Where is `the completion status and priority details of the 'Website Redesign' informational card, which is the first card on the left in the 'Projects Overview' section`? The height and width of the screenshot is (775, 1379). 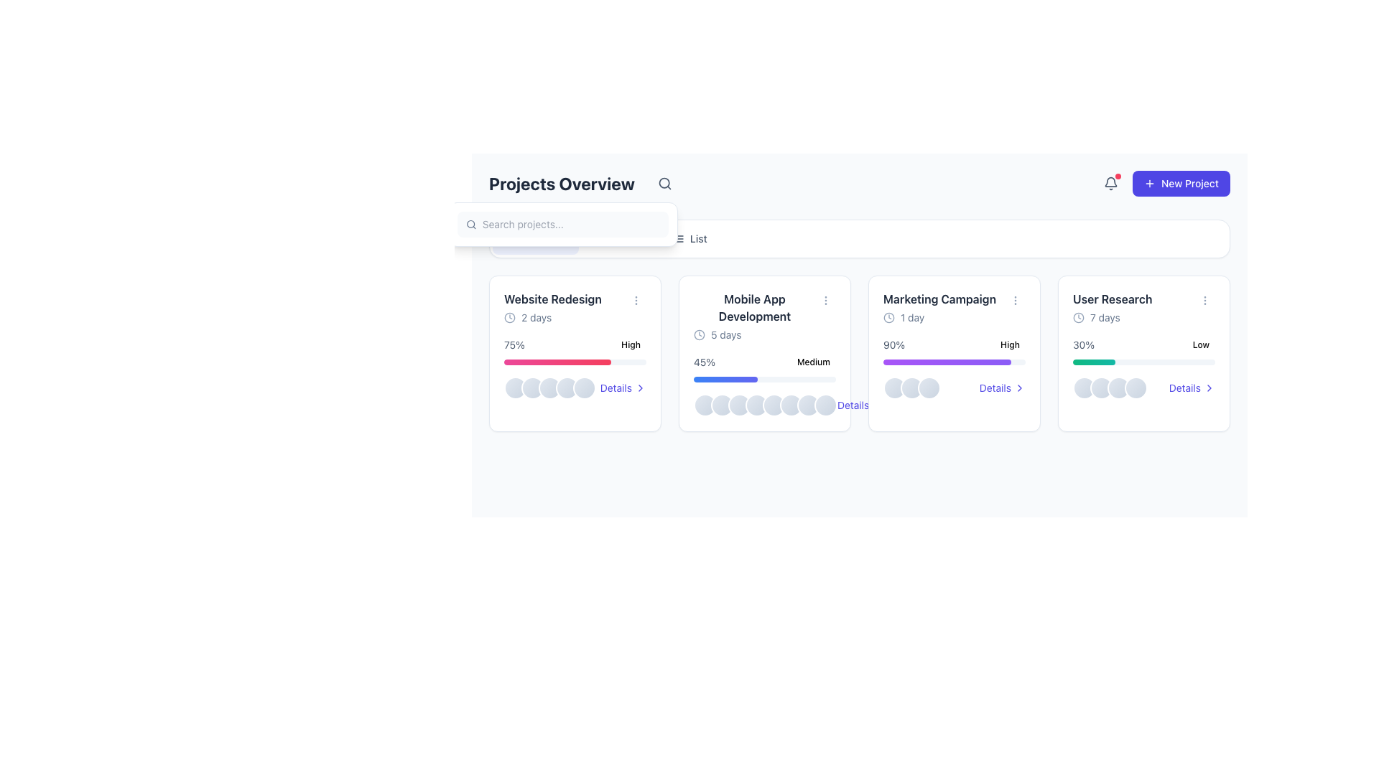 the completion status and priority details of the 'Website Redesign' informational card, which is the first card on the left in the 'Projects Overview' section is located at coordinates (575, 345).